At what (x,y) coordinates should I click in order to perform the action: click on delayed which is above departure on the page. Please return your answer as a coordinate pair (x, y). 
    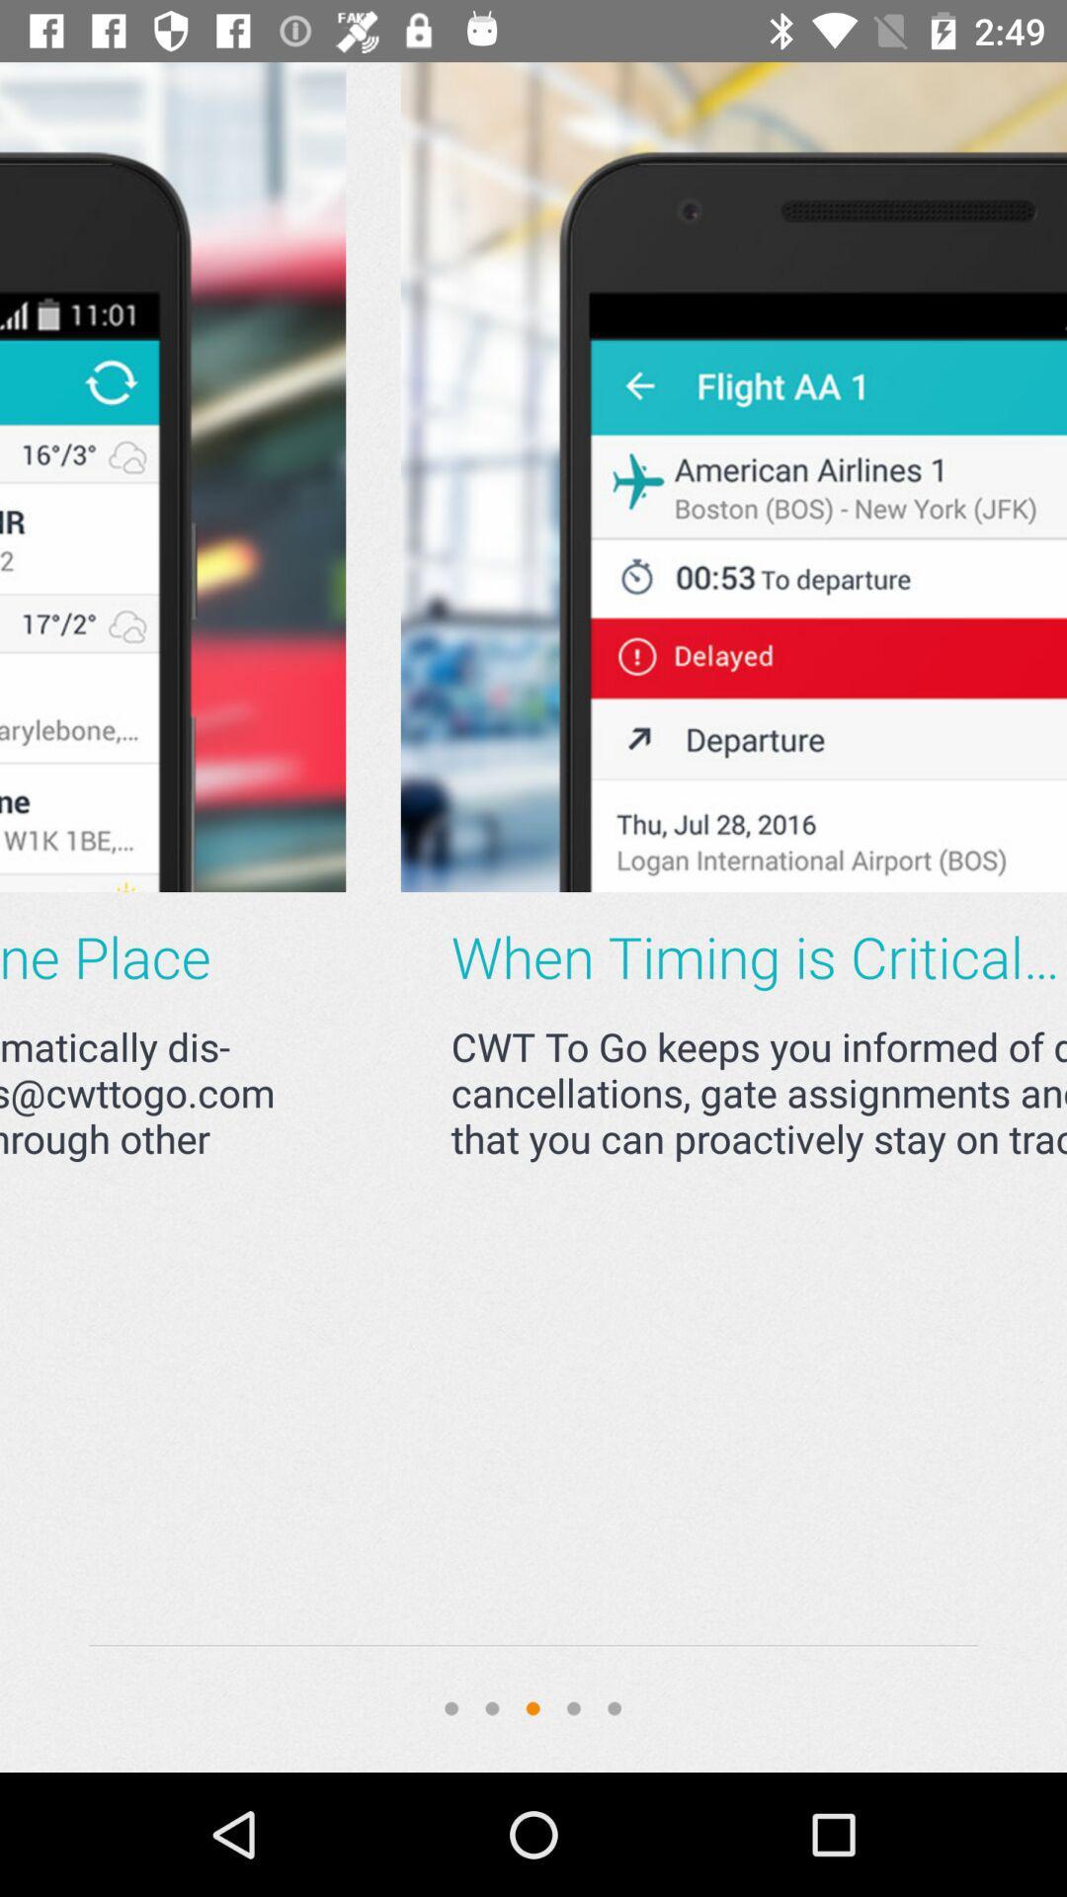
    Looking at the image, I should click on (480, 477).